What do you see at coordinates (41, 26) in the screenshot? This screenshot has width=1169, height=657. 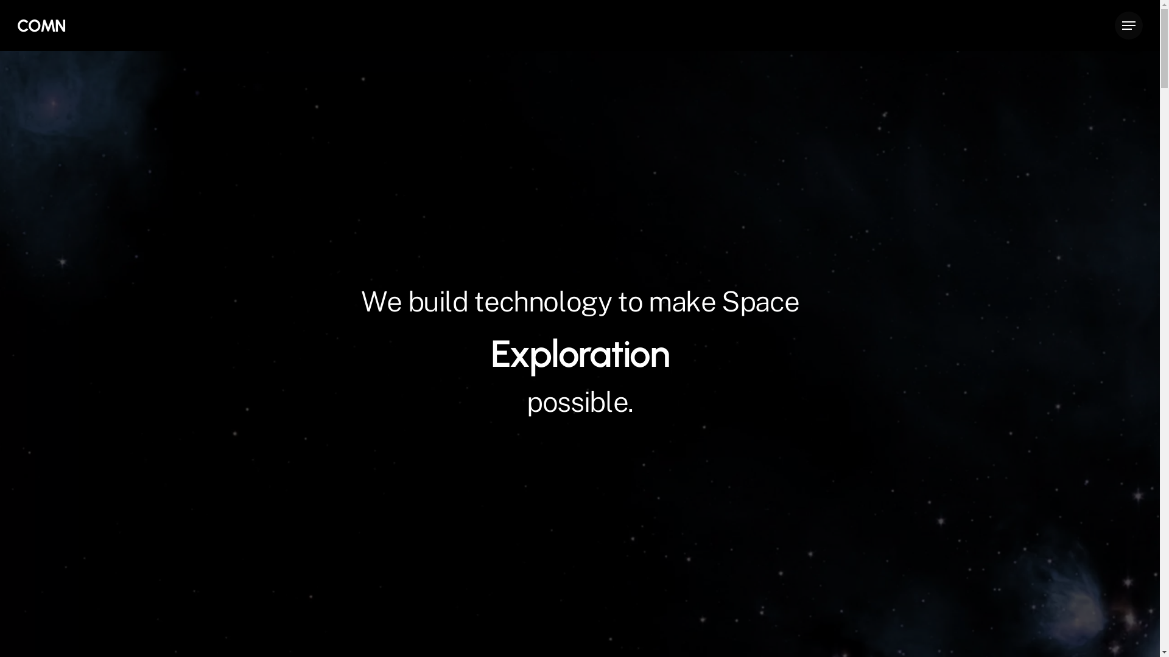 I see `'COMN'` at bounding box center [41, 26].